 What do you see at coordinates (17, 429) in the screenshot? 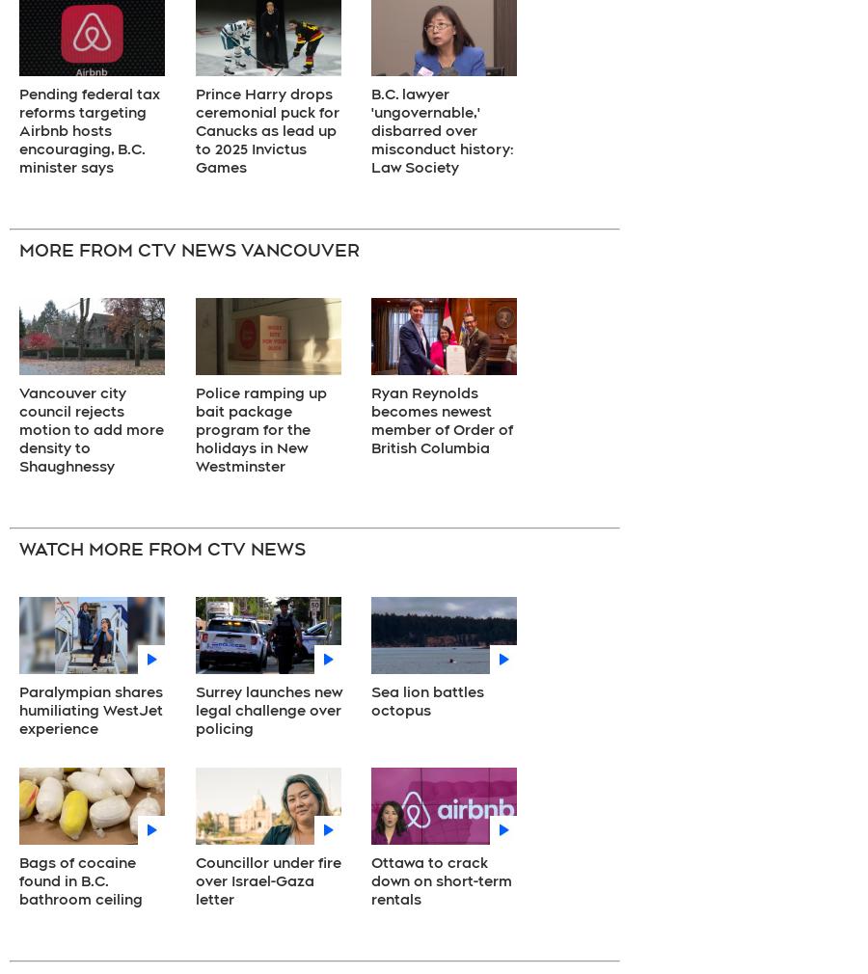
I see `'Vancouver city council rejects motion to add more density to Shaughnessy'` at bounding box center [17, 429].